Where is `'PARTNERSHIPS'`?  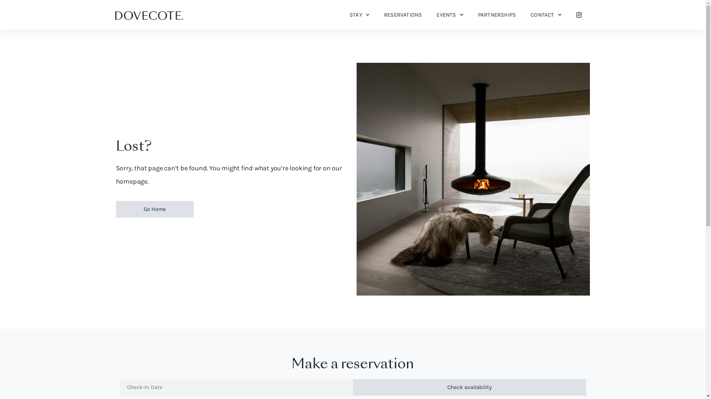
'PARTNERSHIPS' is located at coordinates (497, 14).